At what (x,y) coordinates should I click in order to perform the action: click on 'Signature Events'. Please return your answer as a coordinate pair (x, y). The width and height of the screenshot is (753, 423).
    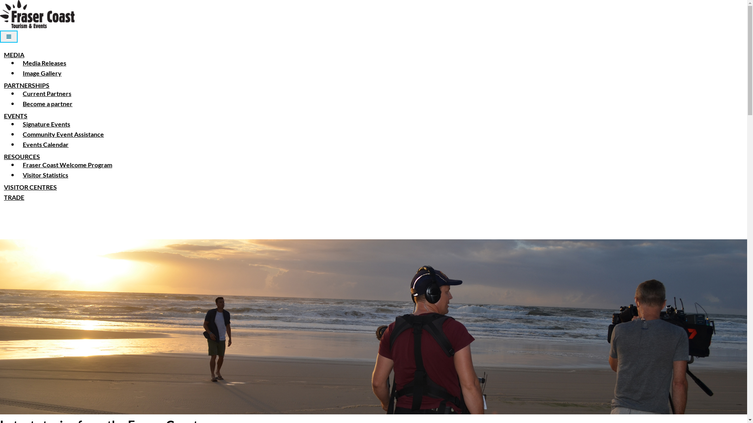
    Looking at the image, I should click on (46, 123).